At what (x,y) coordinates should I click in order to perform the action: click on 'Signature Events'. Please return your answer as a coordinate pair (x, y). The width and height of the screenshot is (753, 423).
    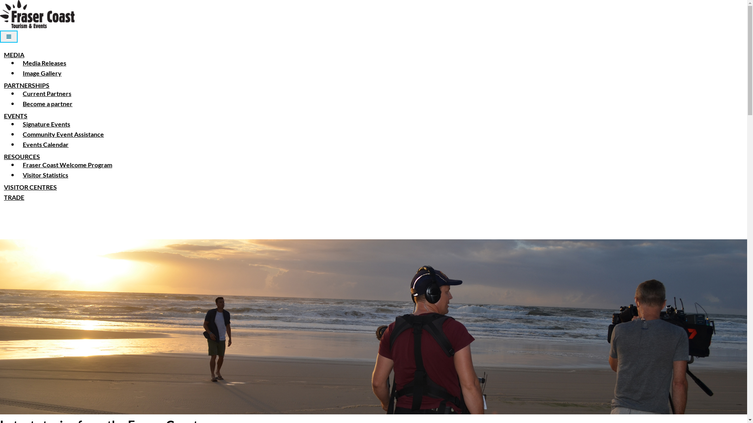
    Looking at the image, I should click on (46, 123).